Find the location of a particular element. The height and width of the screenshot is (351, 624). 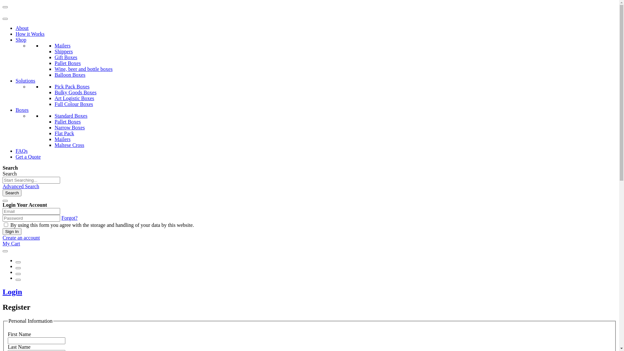

'Pallet Boxes' is located at coordinates (67, 63).